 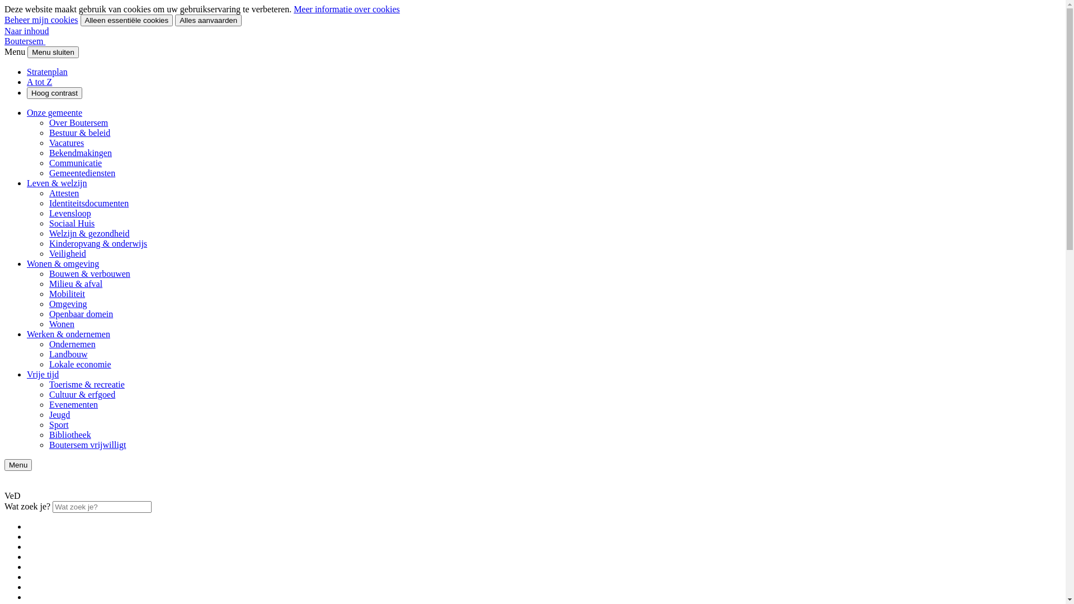 What do you see at coordinates (48, 163) in the screenshot?
I see `'Communicatie'` at bounding box center [48, 163].